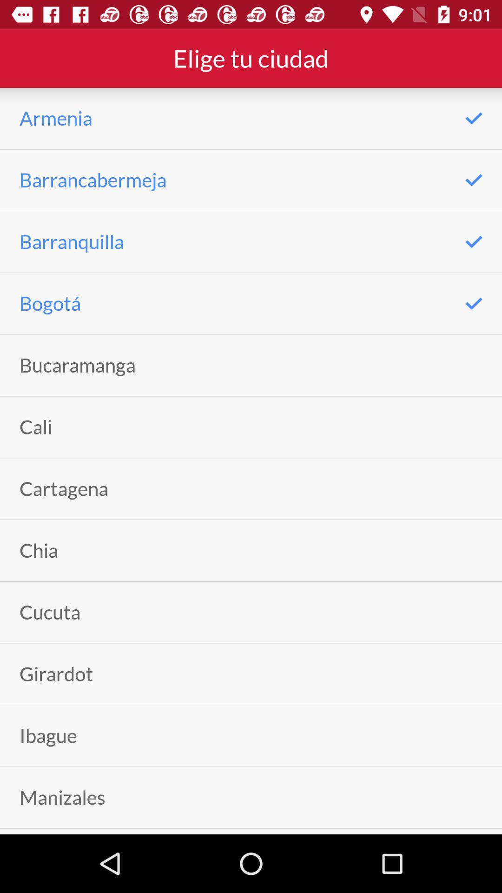  I want to click on manizales app, so click(62, 797).